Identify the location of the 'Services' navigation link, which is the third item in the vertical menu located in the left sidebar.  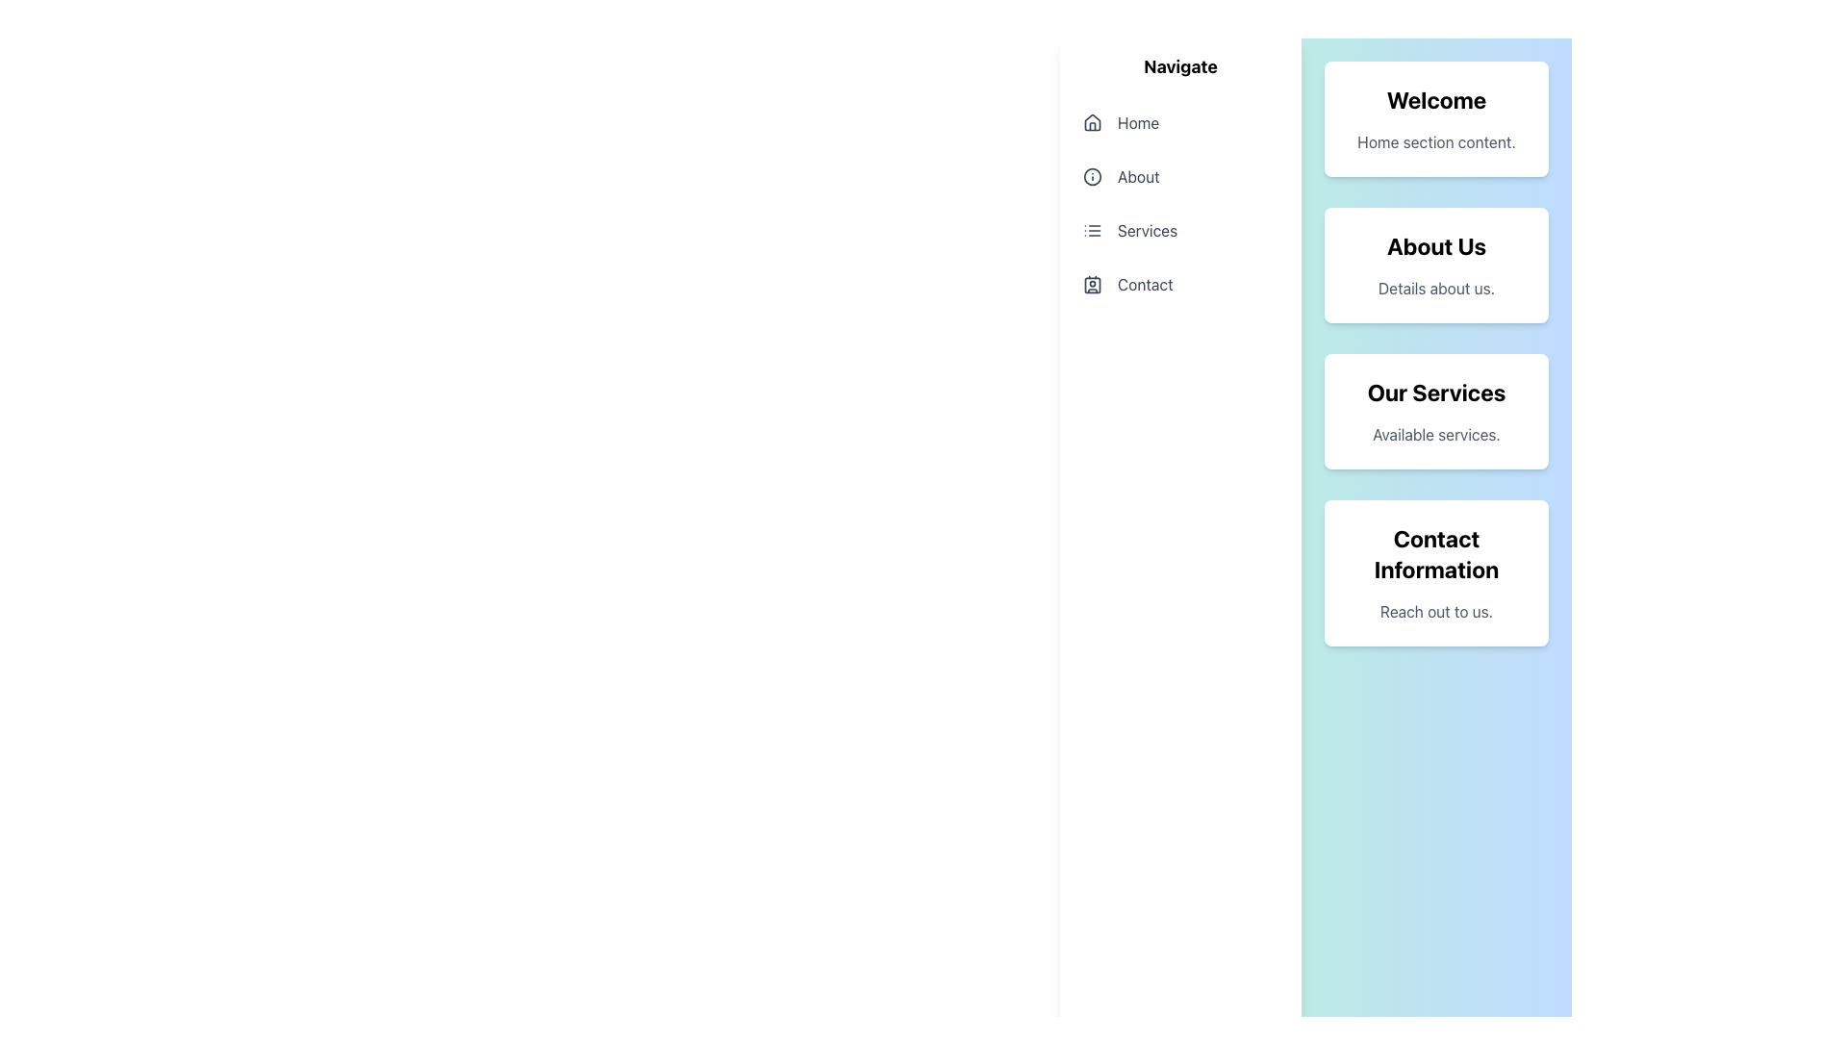
(1179, 229).